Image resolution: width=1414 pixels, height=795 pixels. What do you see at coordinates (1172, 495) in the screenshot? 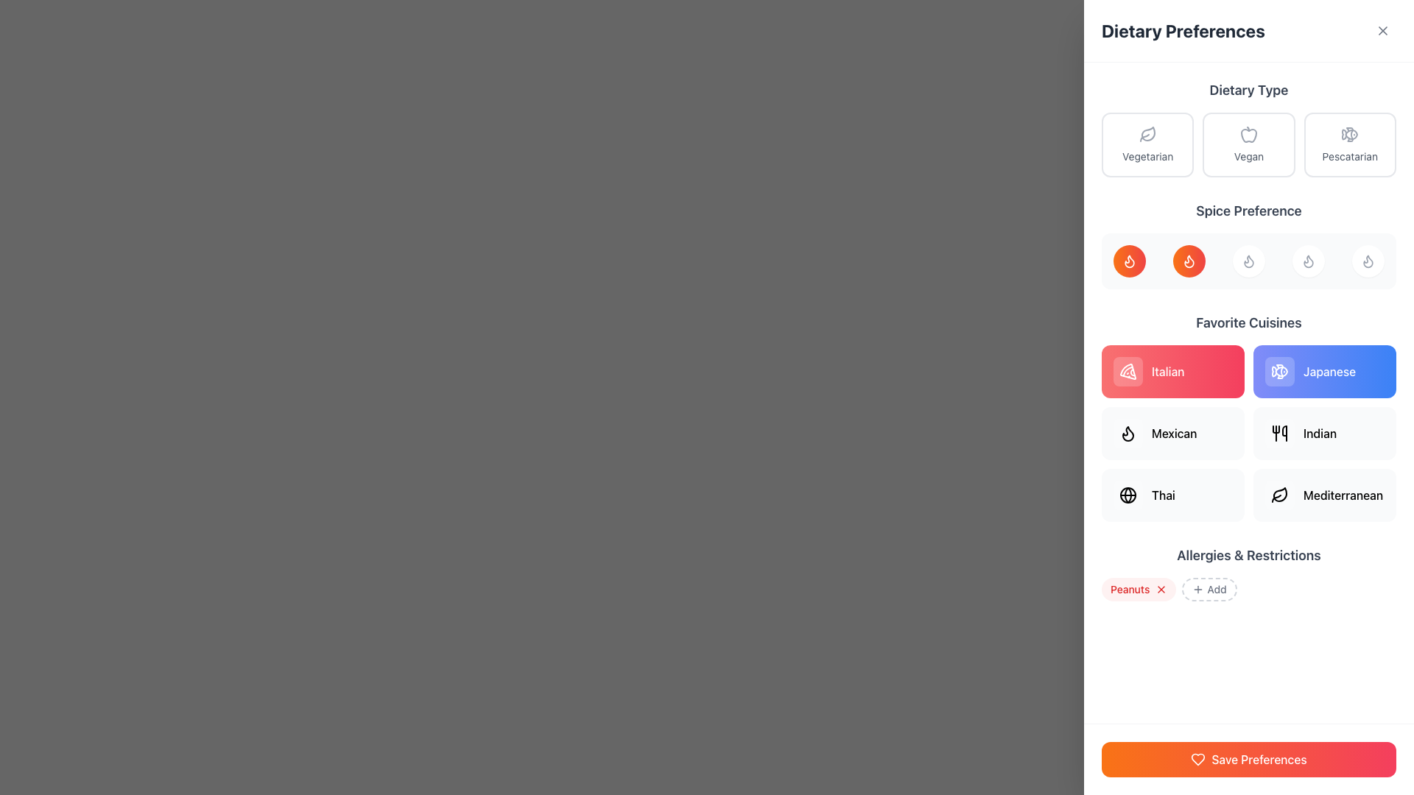
I see `the 'Thai' button in the 'Favorite Cuisines' grid` at bounding box center [1172, 495].